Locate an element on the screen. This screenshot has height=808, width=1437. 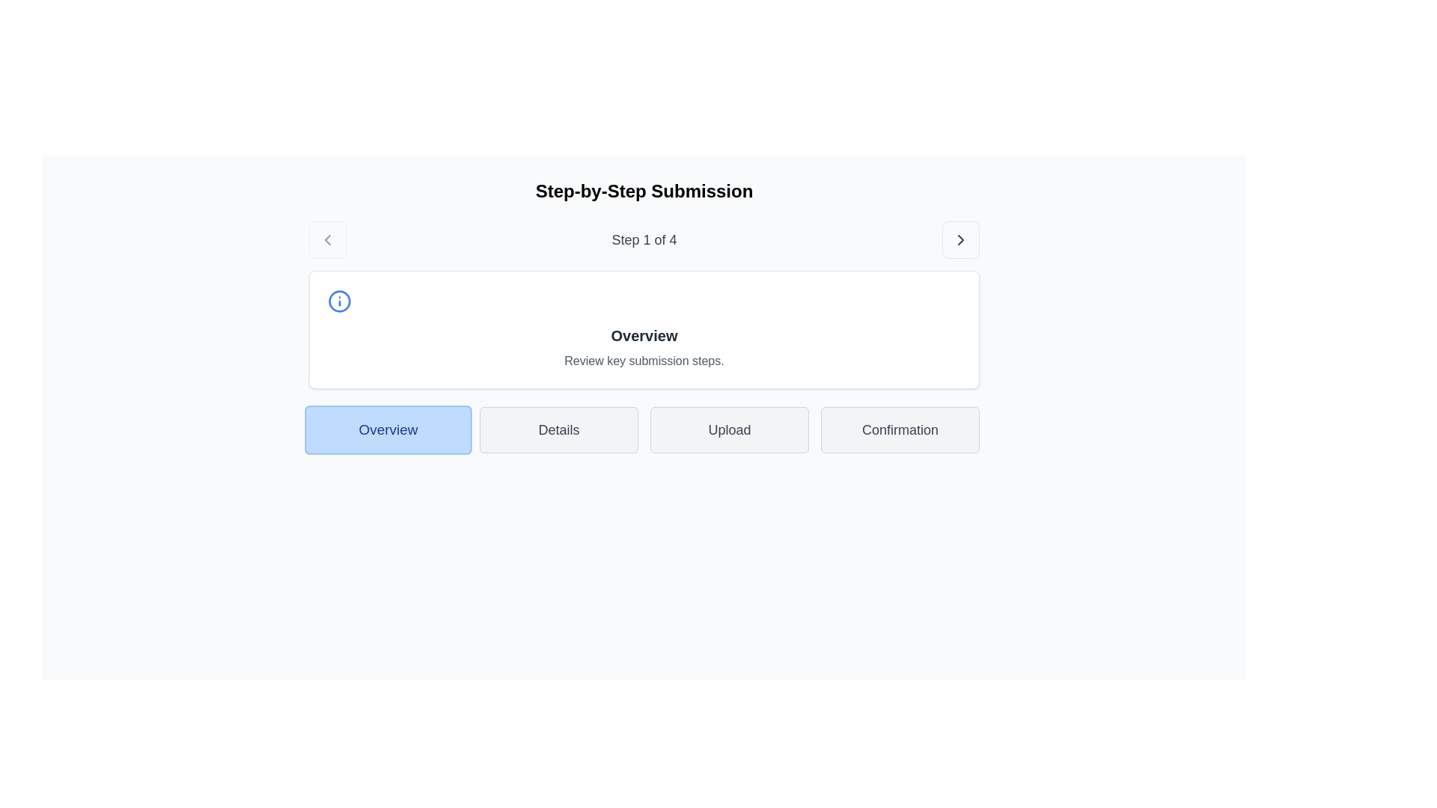
the right-facing chevron icon styled in dark gray located in the button-like area at the top-right corner of the layout is located at coordinates (960, 239).